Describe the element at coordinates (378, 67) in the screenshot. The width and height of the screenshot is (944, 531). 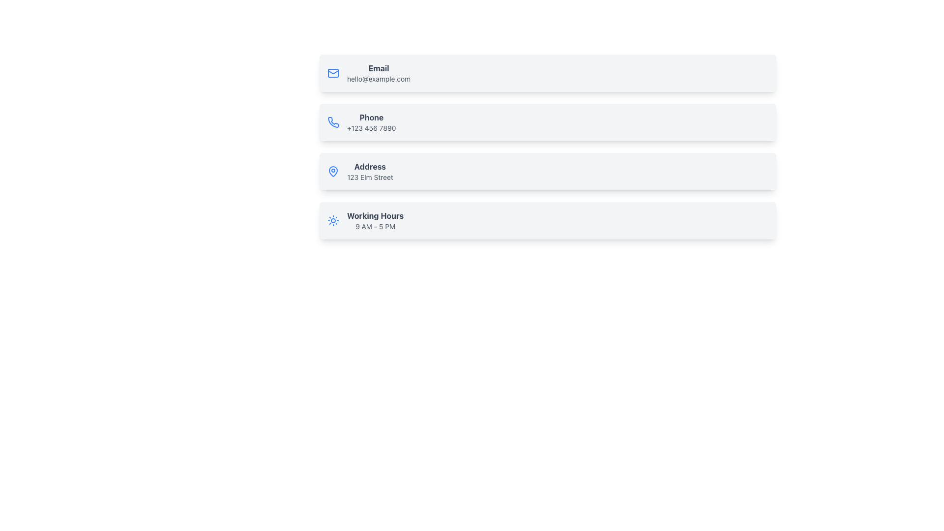
I see `the 'Email' text label, which is styled in bold, dark-gray font and is positioned above the email address 'hello@example.com' within the contact information section` at that location.